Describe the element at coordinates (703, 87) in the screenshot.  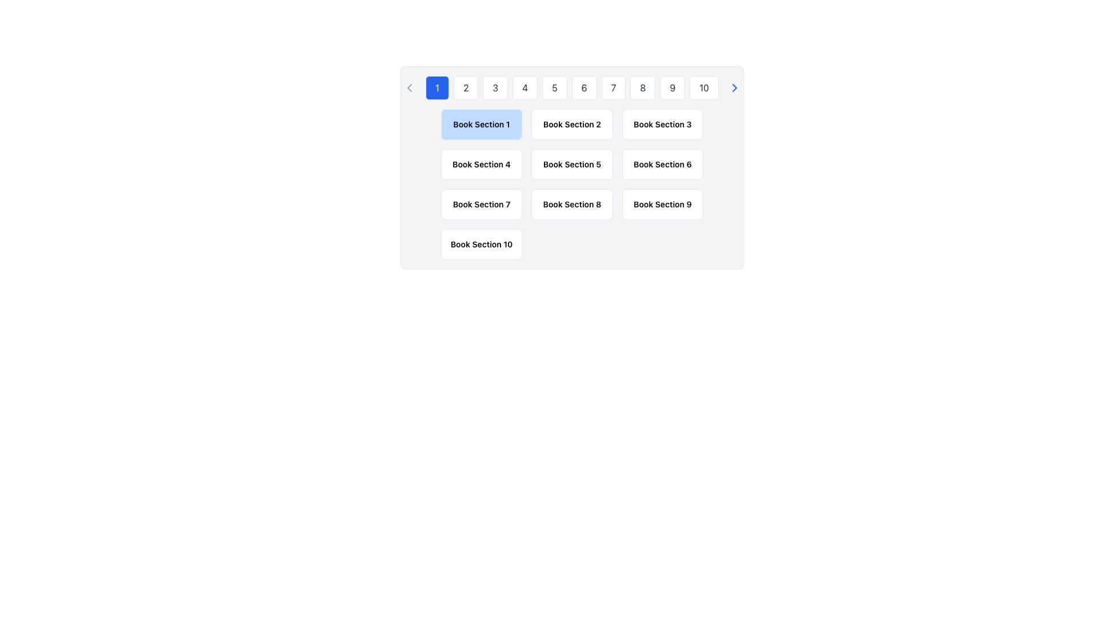
I see `the tenth button in the pagination control bar` at that location.